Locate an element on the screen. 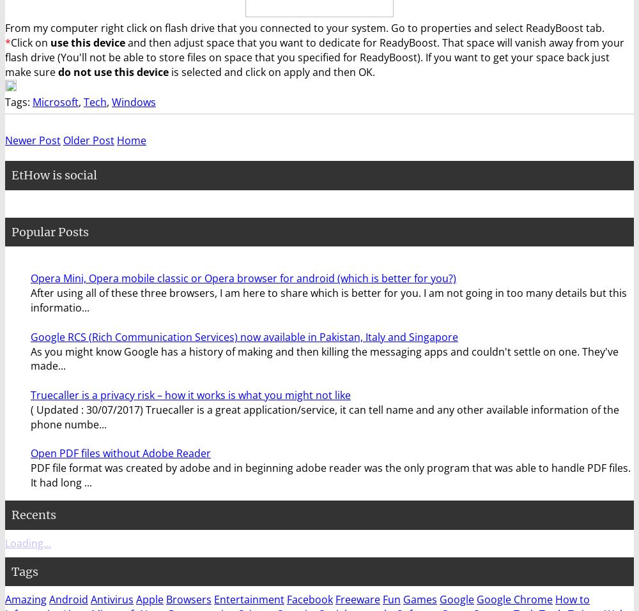 This screenshot has height=611, width=639. 'Google Chrome' is located at coordinates (514, 600).